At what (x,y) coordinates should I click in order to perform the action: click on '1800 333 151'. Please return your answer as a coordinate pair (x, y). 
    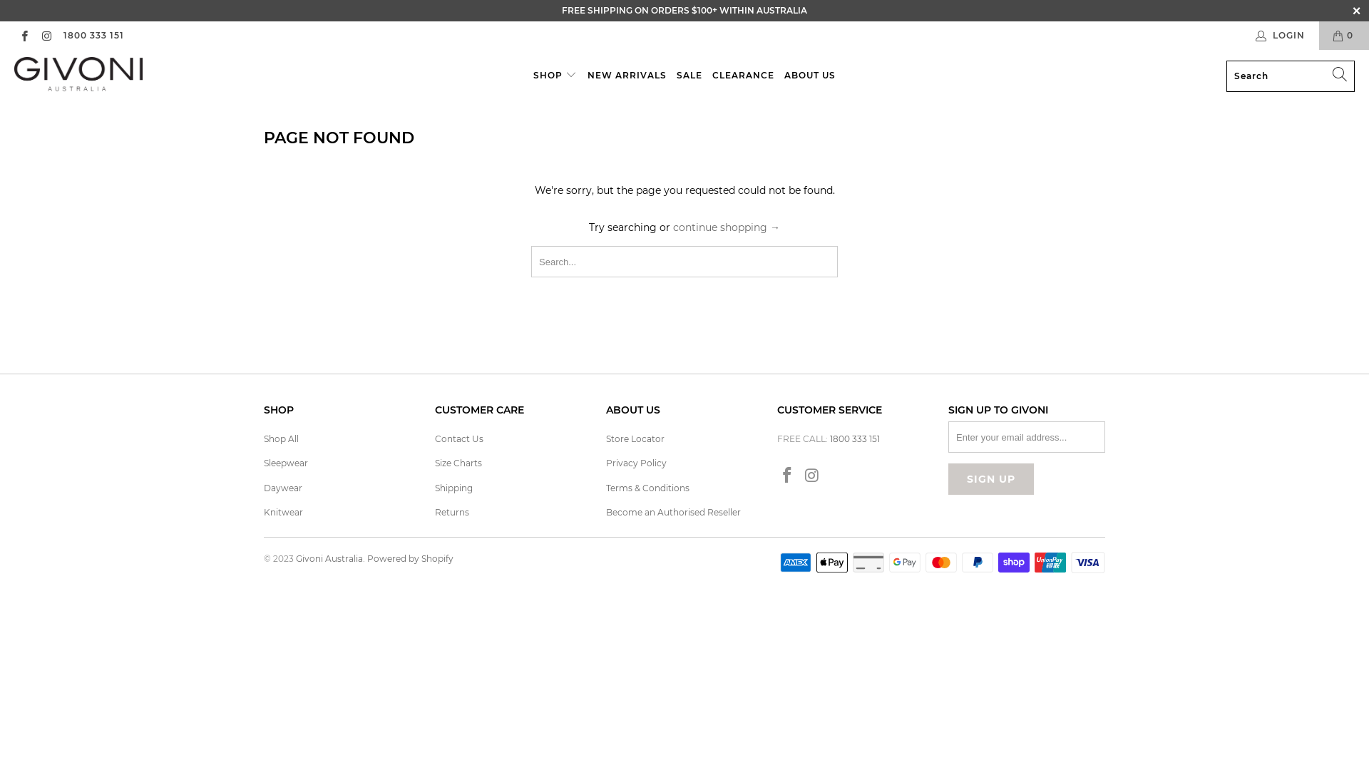
    Looking at the image, I should click on (61, 35).